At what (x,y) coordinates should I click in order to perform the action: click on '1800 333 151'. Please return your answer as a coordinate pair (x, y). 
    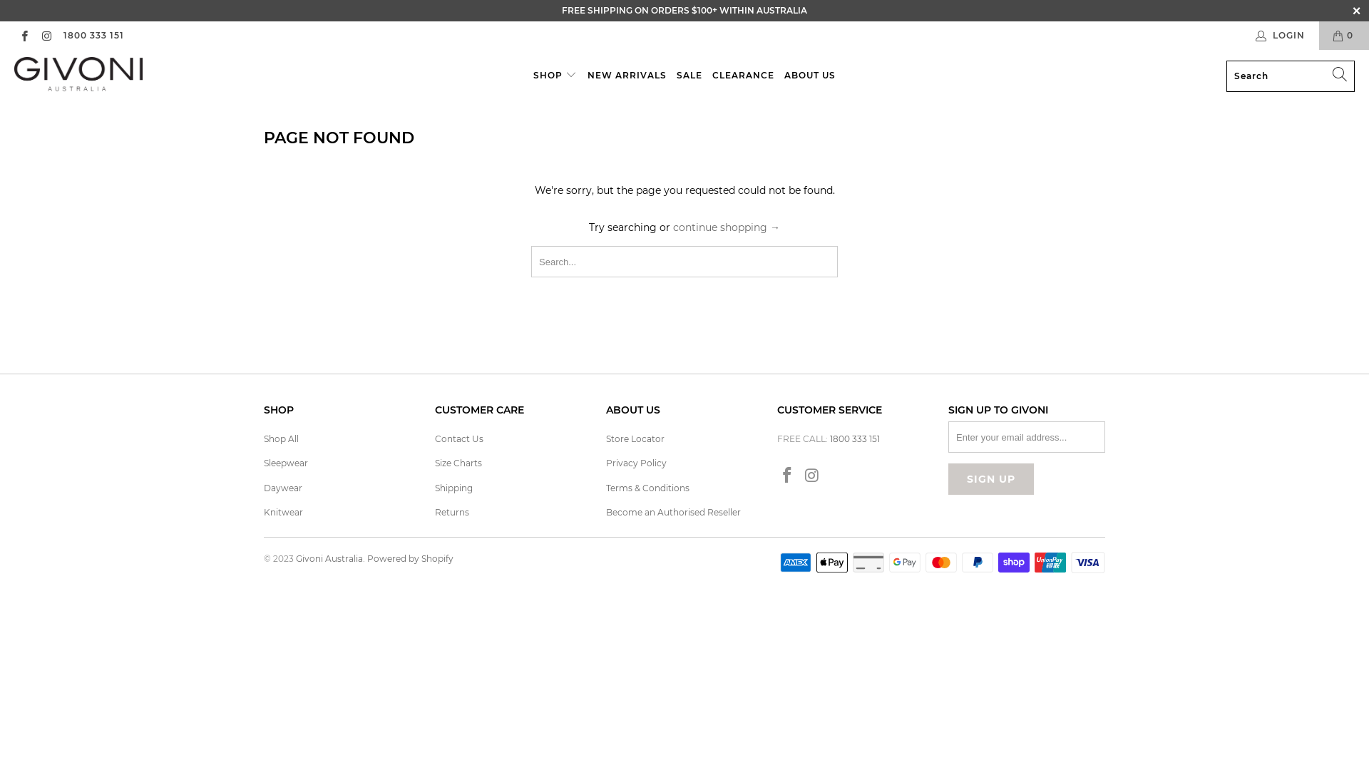
    Looking at the image, I should click on (61, 35).